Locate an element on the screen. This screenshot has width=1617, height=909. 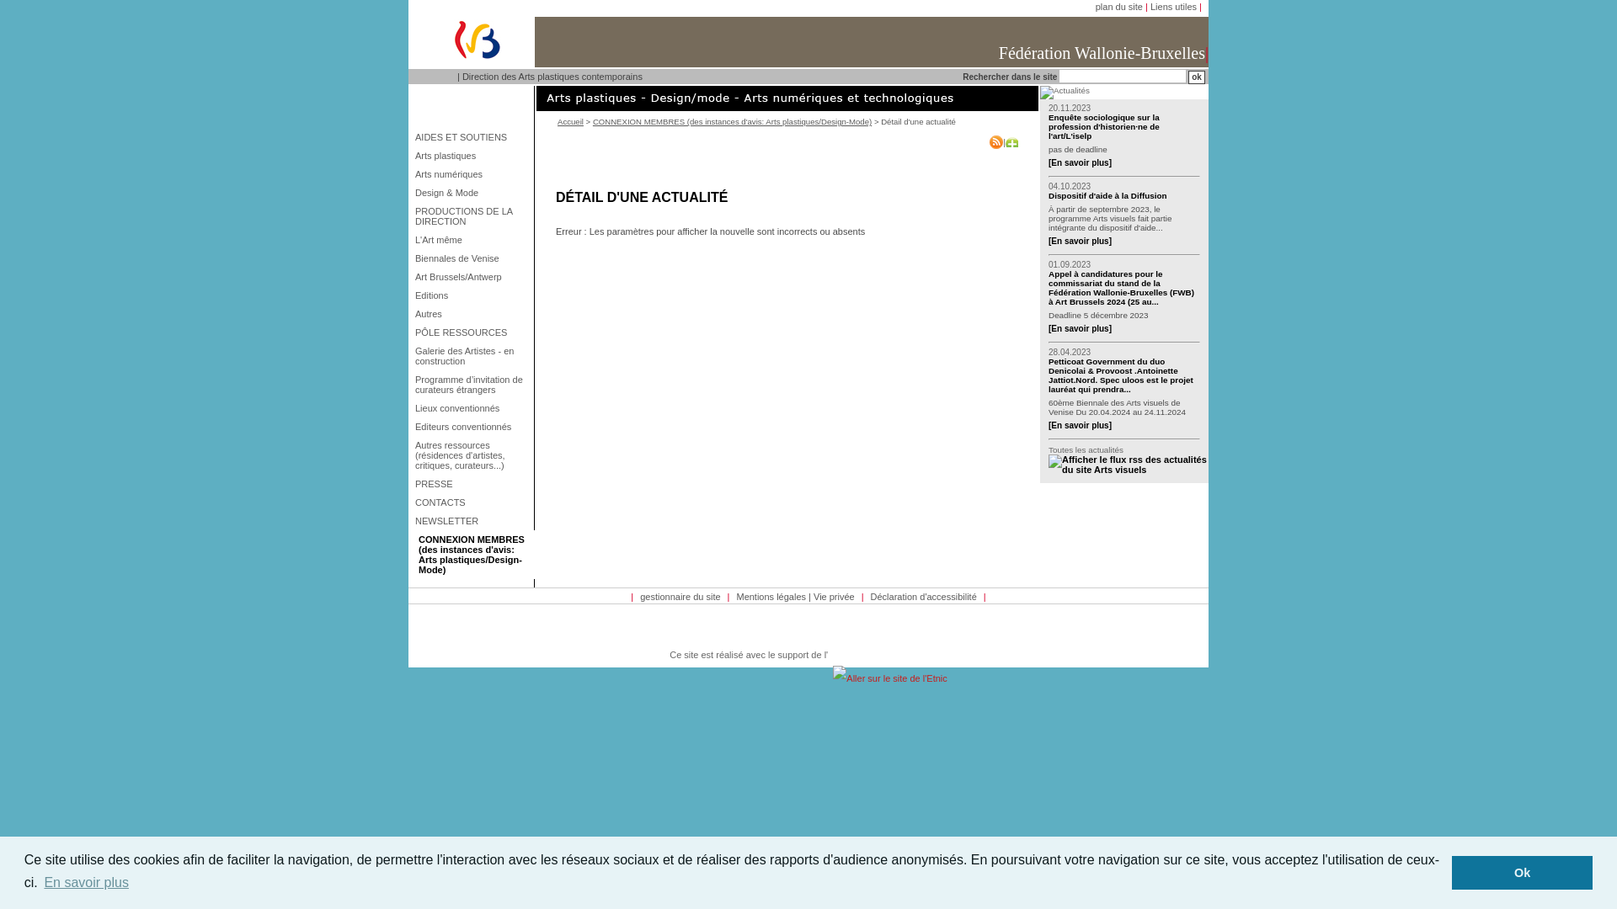
'Ok' is located at coordinates (1522, 872).